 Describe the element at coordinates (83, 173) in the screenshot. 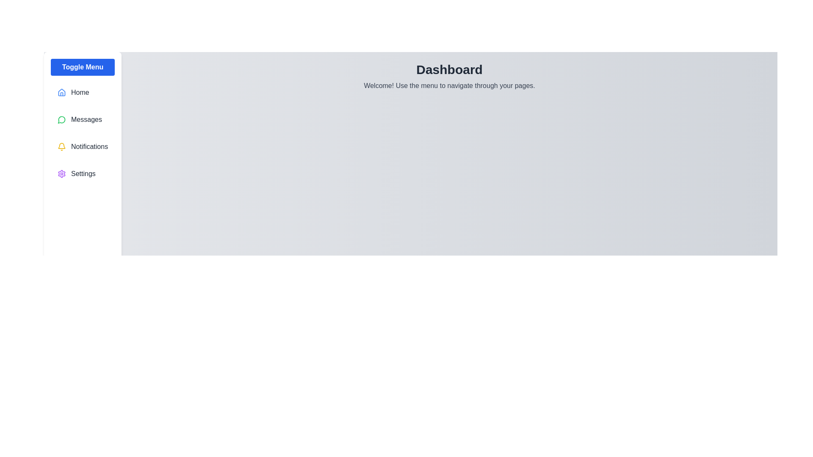

I see `the menu item Settings in the sidebar` at that location.